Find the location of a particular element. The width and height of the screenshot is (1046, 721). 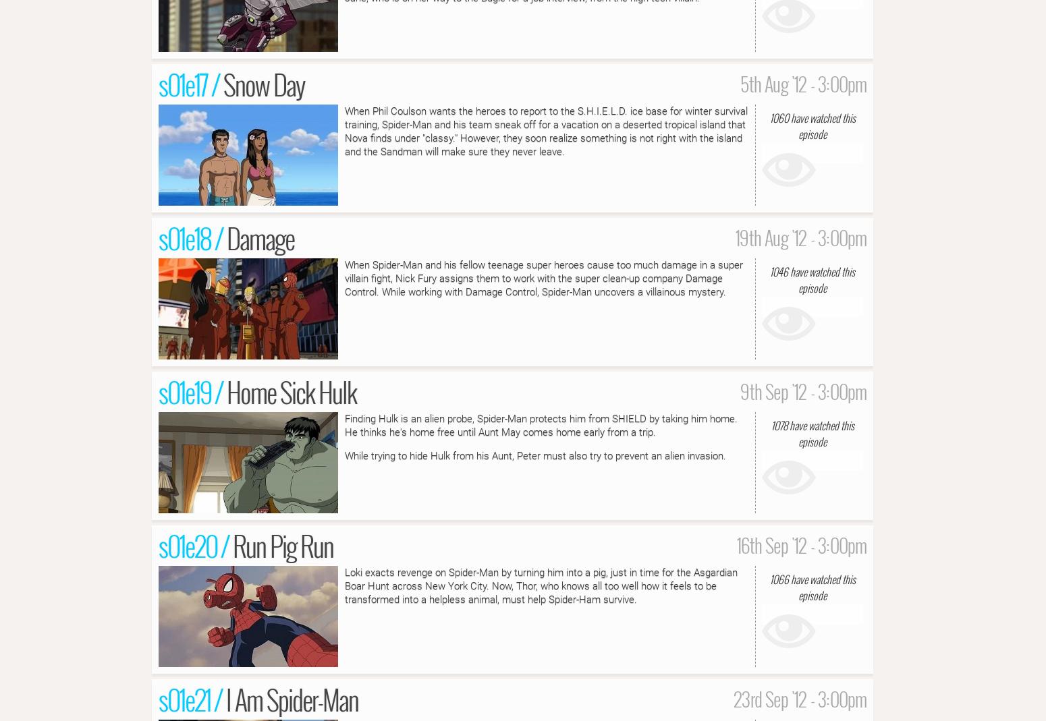

'1066' is located at coordinates (777, 577).